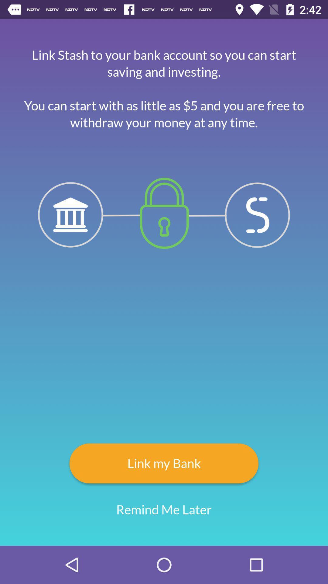 Image resolution: width=328 pixels, height=584 pixels. I want to click on remind me later icon, so click(164, 509).